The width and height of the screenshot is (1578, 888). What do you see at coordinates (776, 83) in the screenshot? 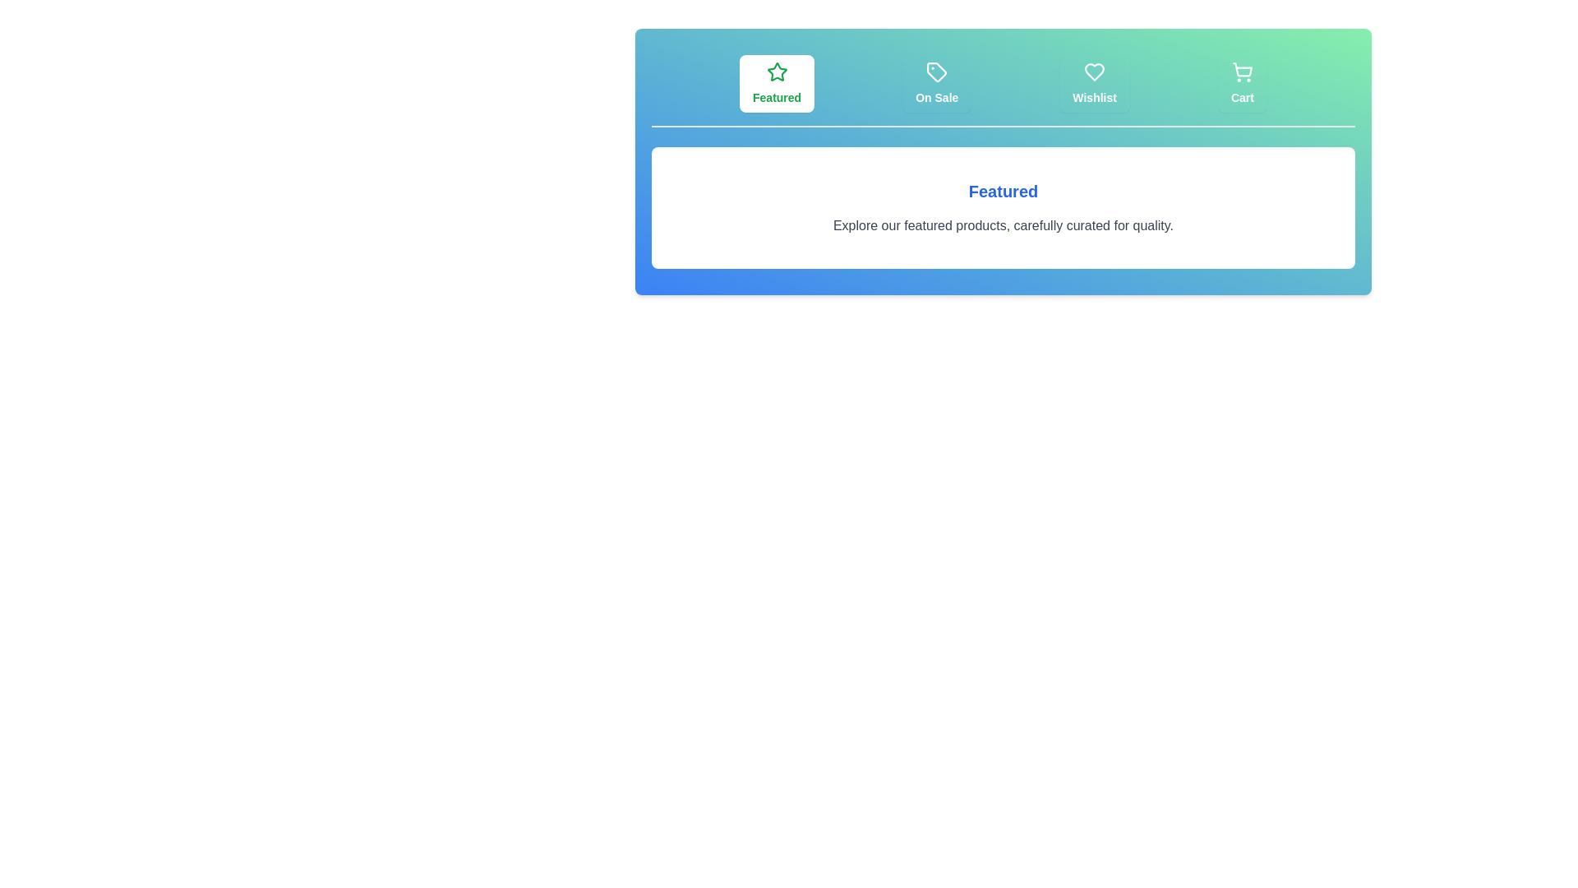
I see `the tab labeled Featured to observe its hover effect` at bounding box center [776, 83].